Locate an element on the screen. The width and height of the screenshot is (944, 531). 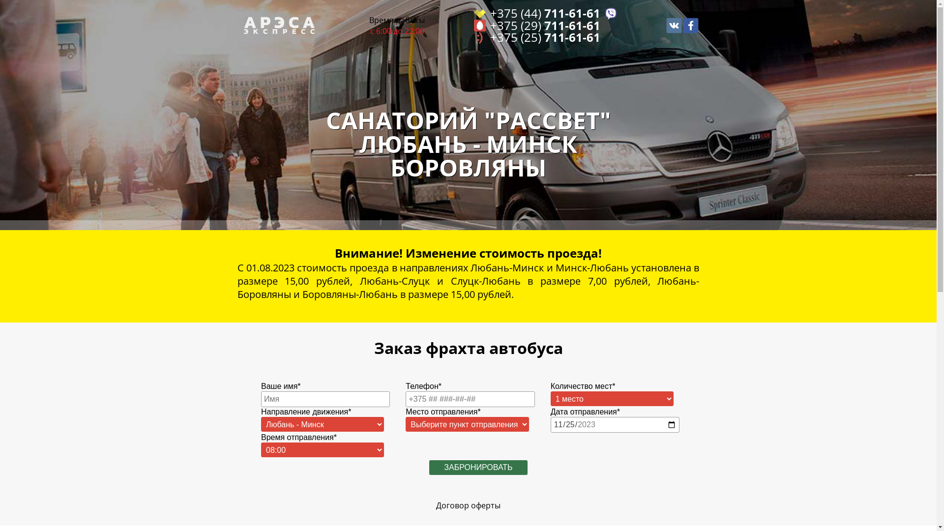
'+375 (25) 711-61-61' is located at coordinates (545, 37).